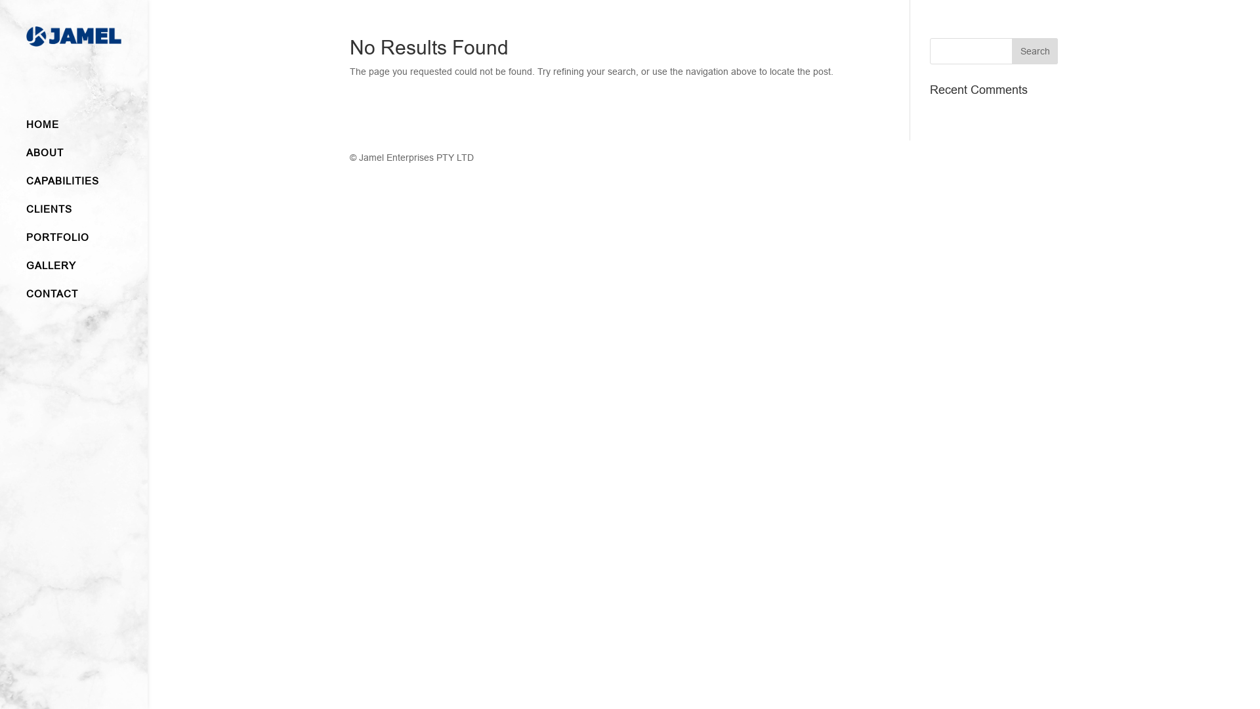 The height and width of the screenshot is (709, 1260). Describe the element at coordinates (26, 300) in the screenshot. I see `'CONTACT'` at that location.